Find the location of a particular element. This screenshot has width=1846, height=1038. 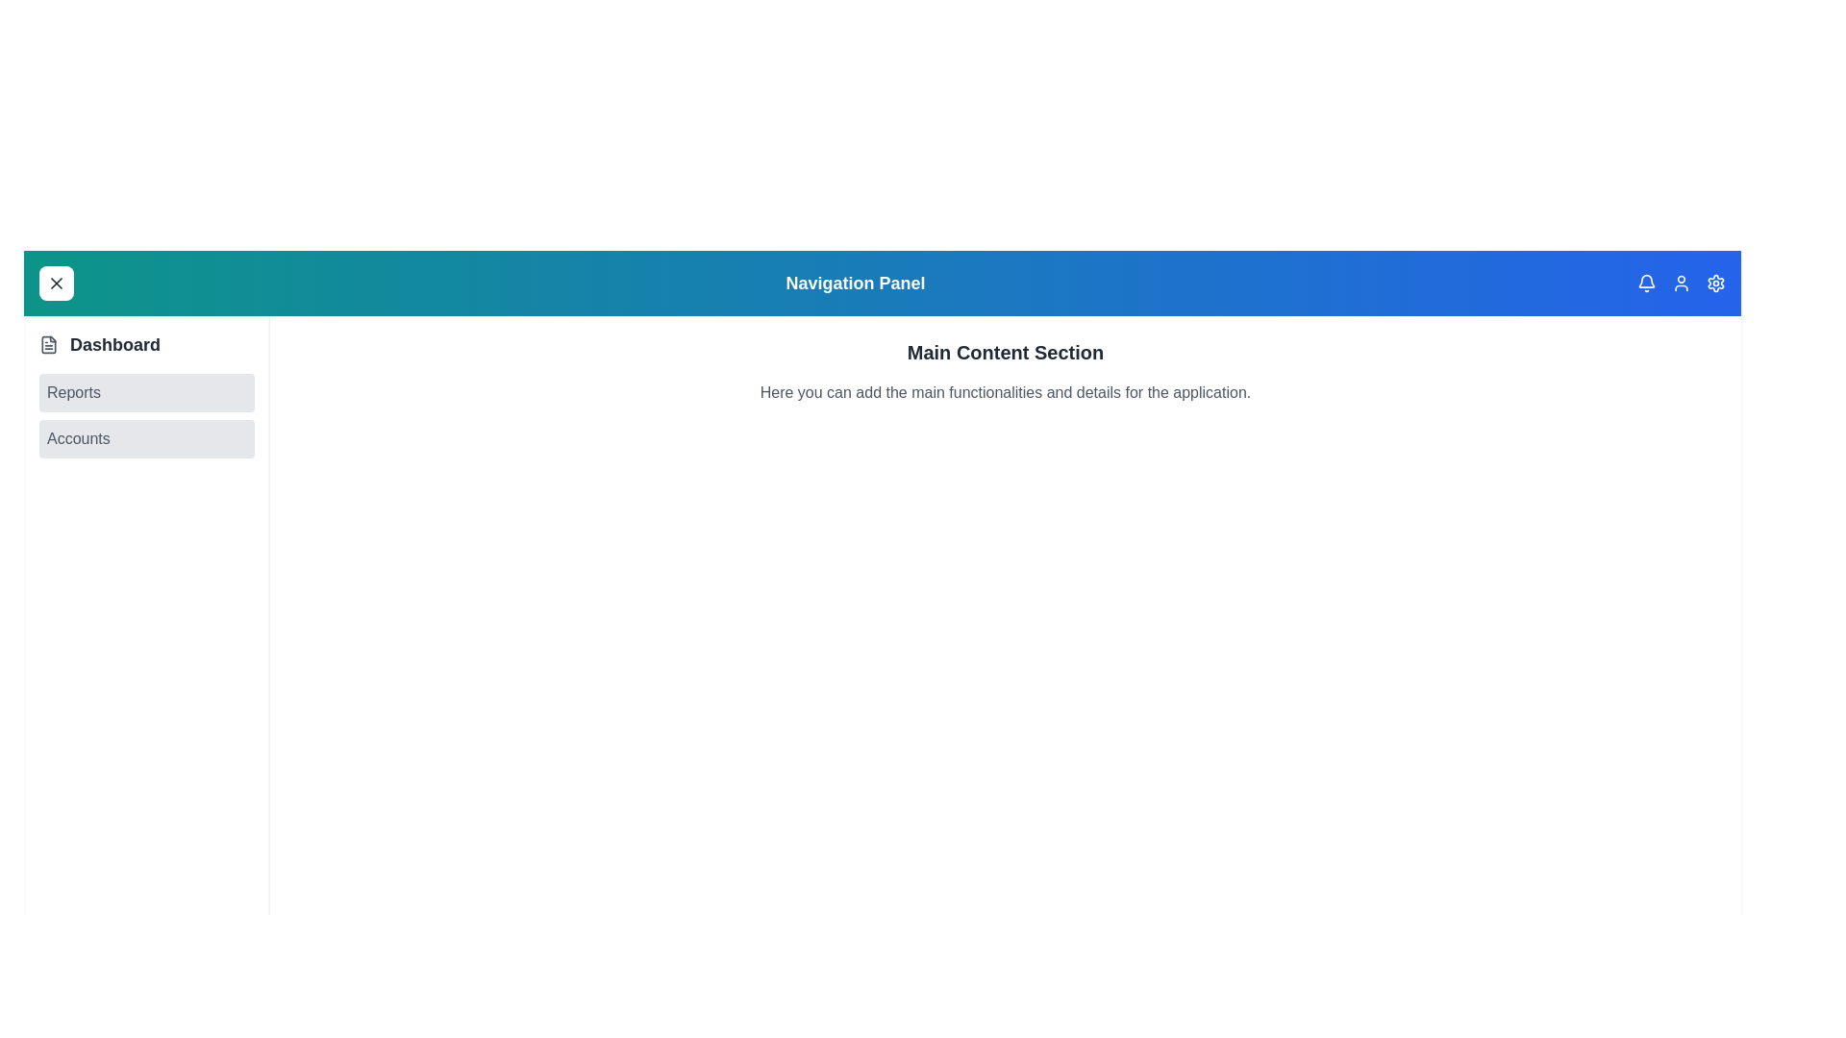

the user profile icon located in the top-right corner of the navigation bar is located at coordinates (1680, 283).